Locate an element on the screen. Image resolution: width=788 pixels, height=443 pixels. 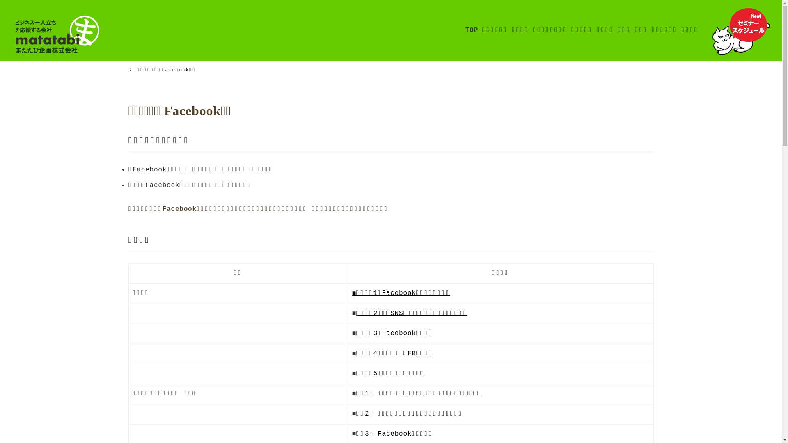
'TOP' is located at coordinates (472, 30).